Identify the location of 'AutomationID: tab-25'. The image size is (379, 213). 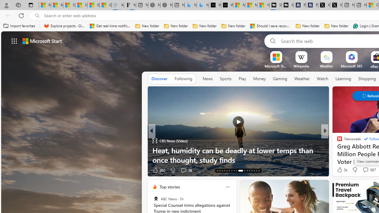
(249, 171).